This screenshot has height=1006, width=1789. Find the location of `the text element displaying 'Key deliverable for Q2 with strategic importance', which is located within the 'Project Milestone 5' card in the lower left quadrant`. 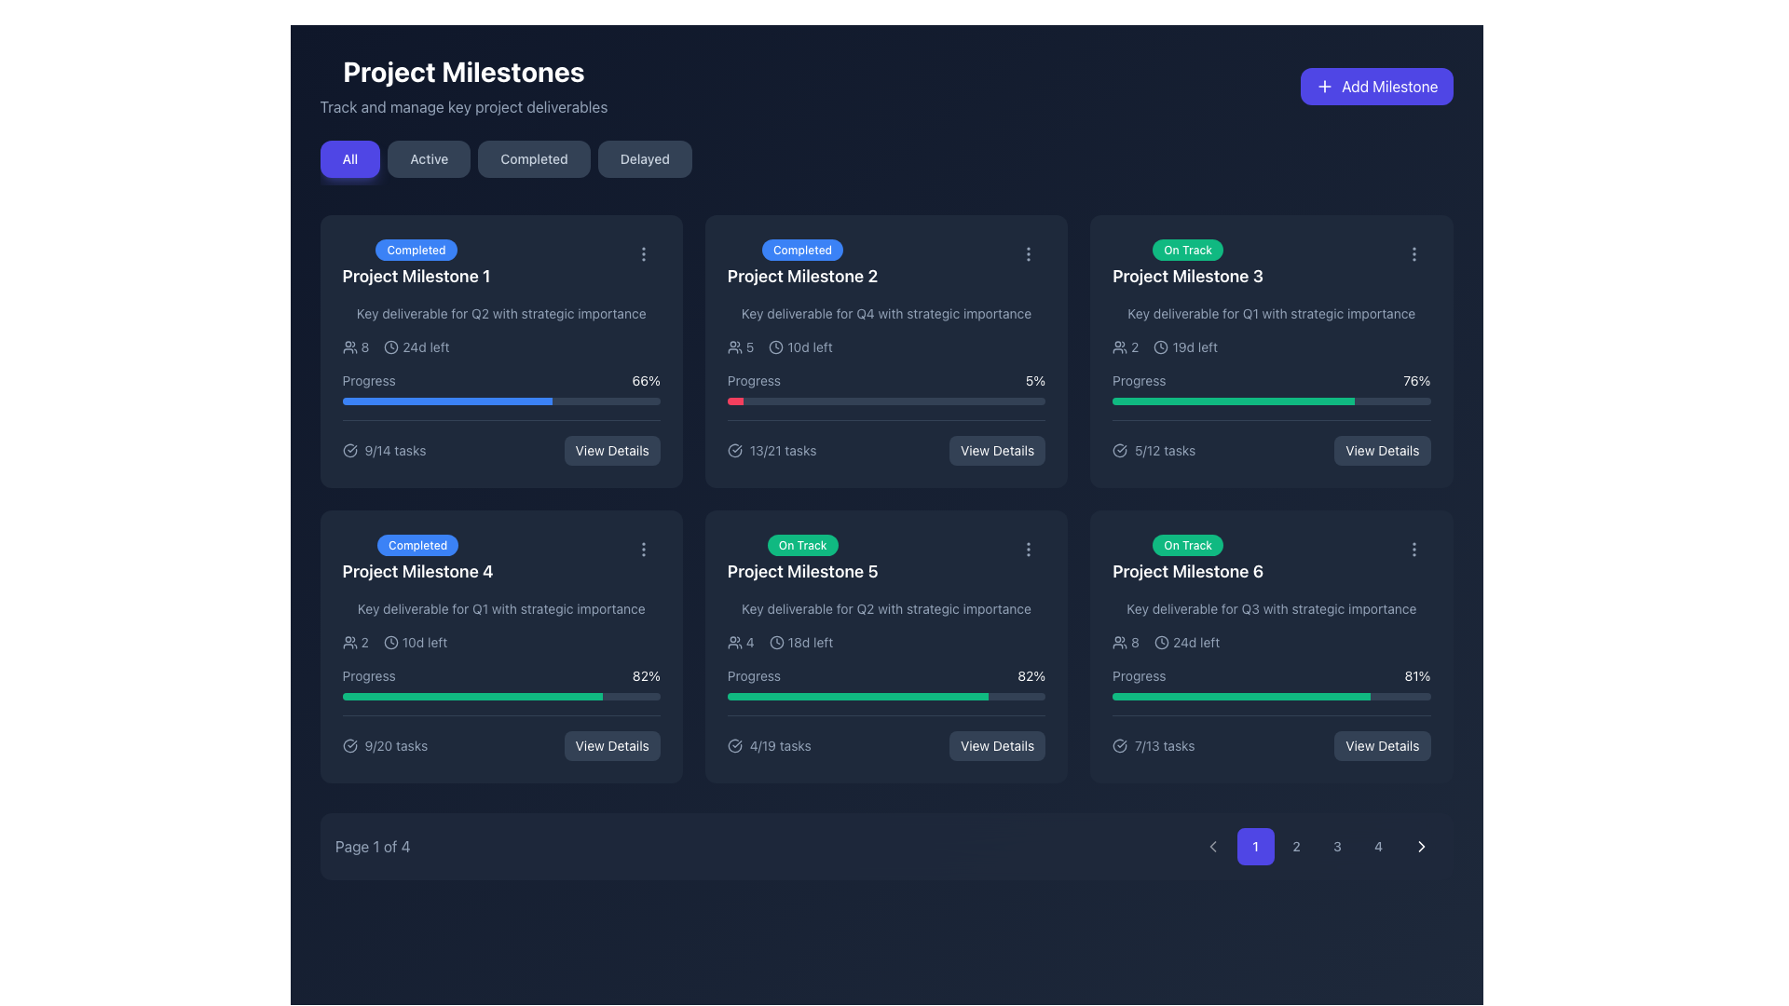

the text element displaying 'Key deliverable for Q2 with strategic importance', which is located within the 'Project Milestone 5' card in the lower left quadrant is located at coordinates (885, 609).